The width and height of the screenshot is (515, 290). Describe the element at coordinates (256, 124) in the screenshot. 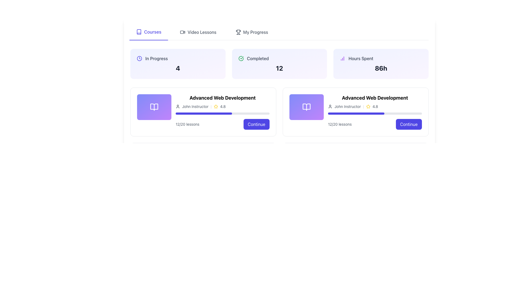

I see `the 'Continue' button located in the right segment of the interface, next to the label displaying '12/20 lessons'` at that location.